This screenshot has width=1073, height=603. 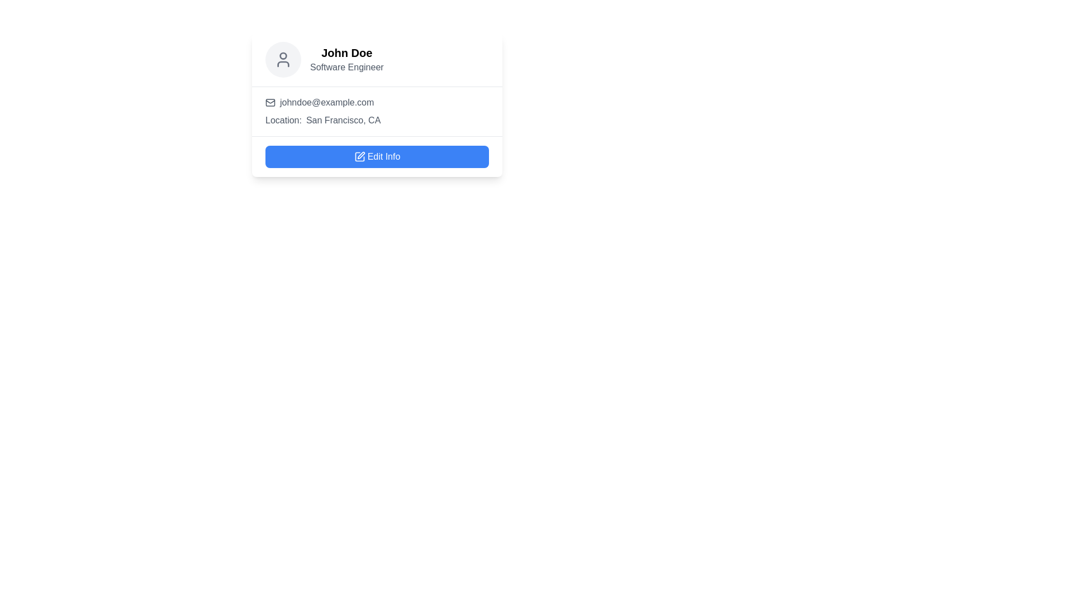 What do you see at coordinates (326, 103) in the screenshot?
I see `the static text element displaying the user's email address, which is located in the middle section of the user profile card, to the right of the envelope icon and above the location details` at bounding box center [326, 103].